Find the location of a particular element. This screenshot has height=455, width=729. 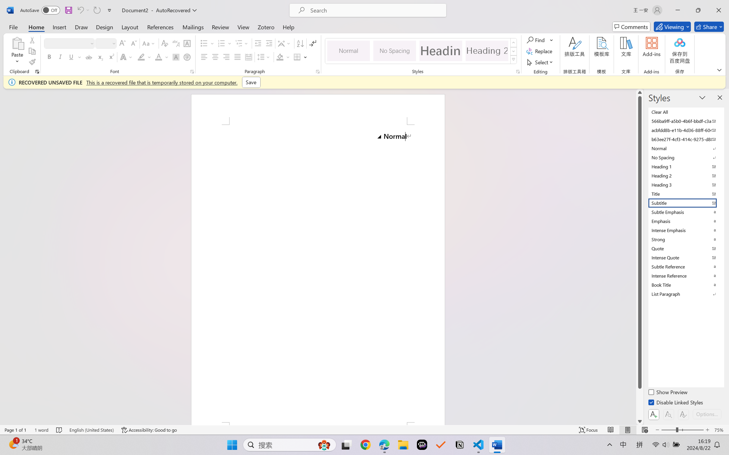

'Decrease Indent' is located at coordinates (258, 43).